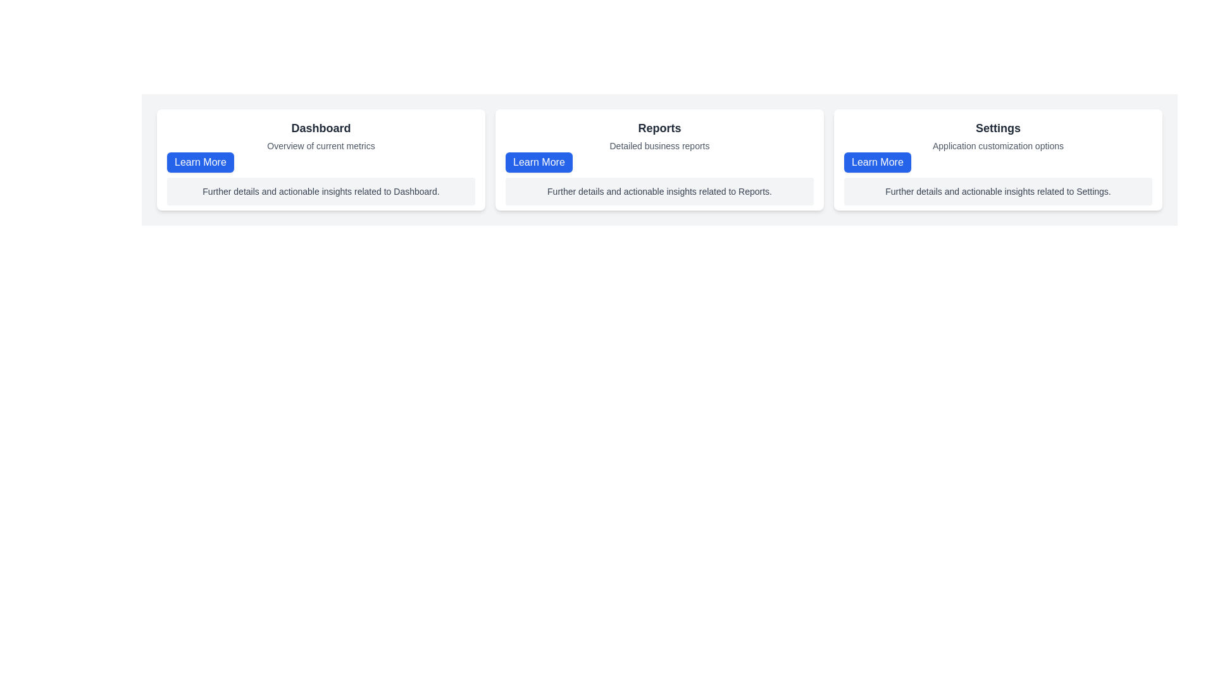 The image size is (1215, 683). Describe the element at coordinates (876, 162) in the screenshot. I see `the button located at the bottom-left section of the 'Settings' card, which is the third card in a horizontal sequence of three cards` at that location.